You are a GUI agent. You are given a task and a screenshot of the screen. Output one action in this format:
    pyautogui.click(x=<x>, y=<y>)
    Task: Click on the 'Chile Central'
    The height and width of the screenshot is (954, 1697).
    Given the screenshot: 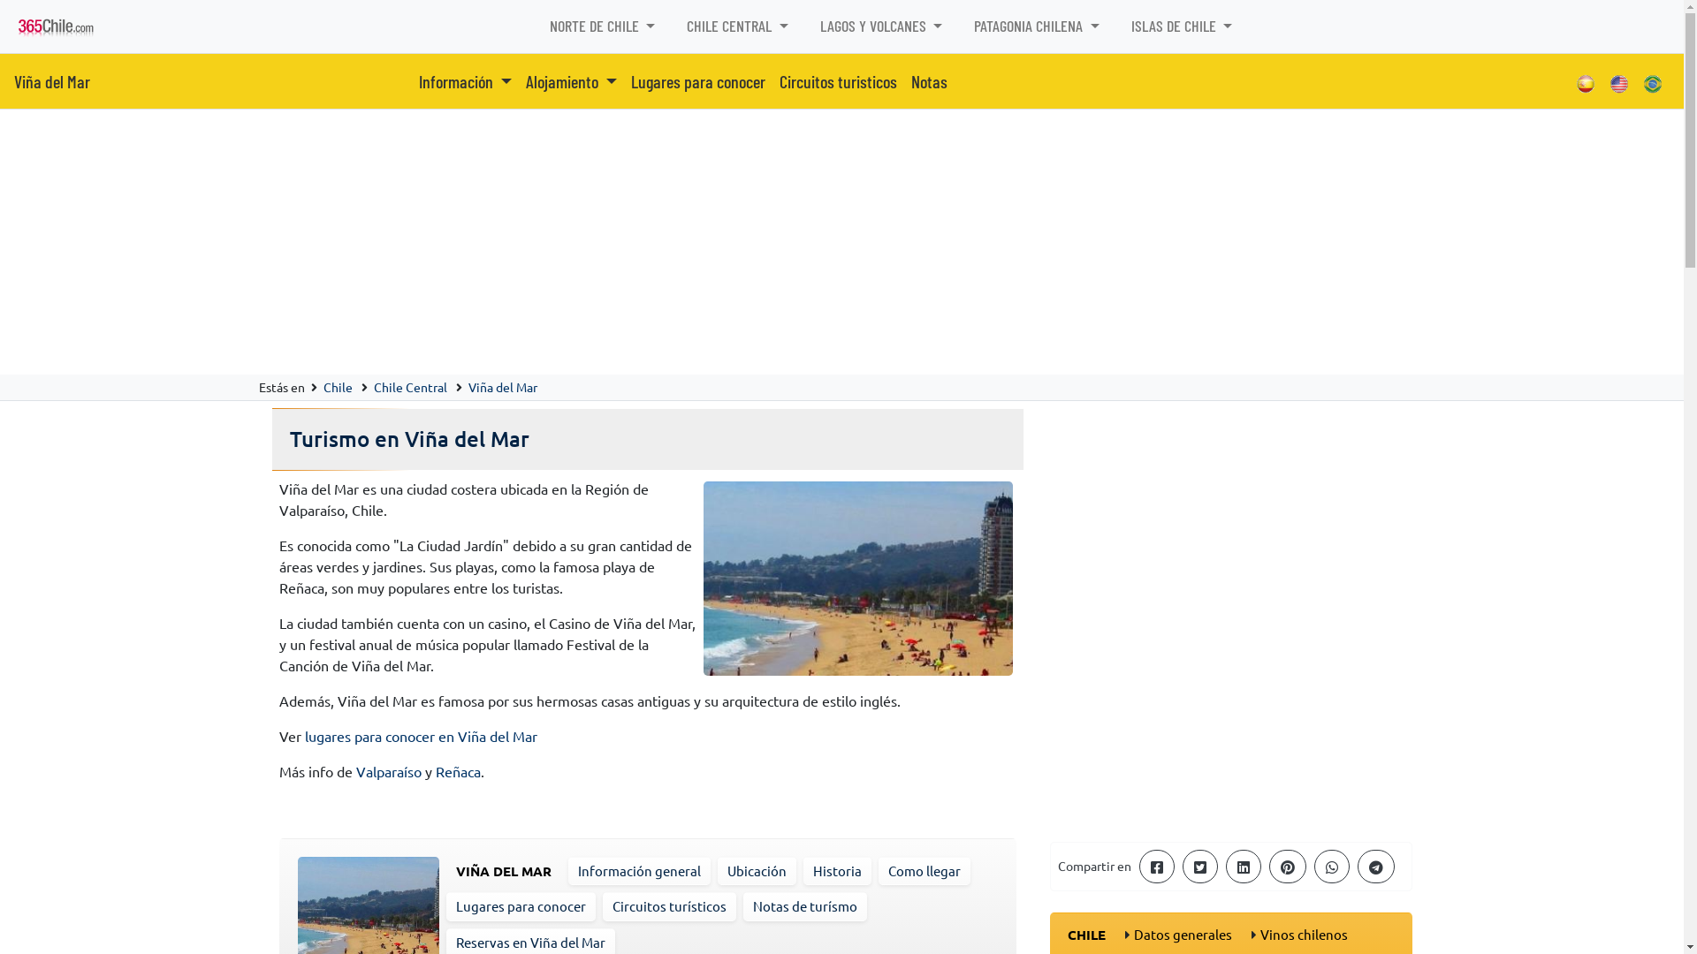 What is the action you would take?
    pyautogui.click(x=408, y=386)
    